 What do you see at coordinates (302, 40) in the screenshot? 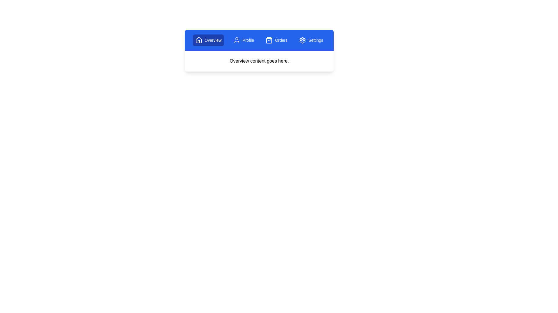
I see `the cogwheel icon located in the top navigation bar` at bounding box center [302, 40].